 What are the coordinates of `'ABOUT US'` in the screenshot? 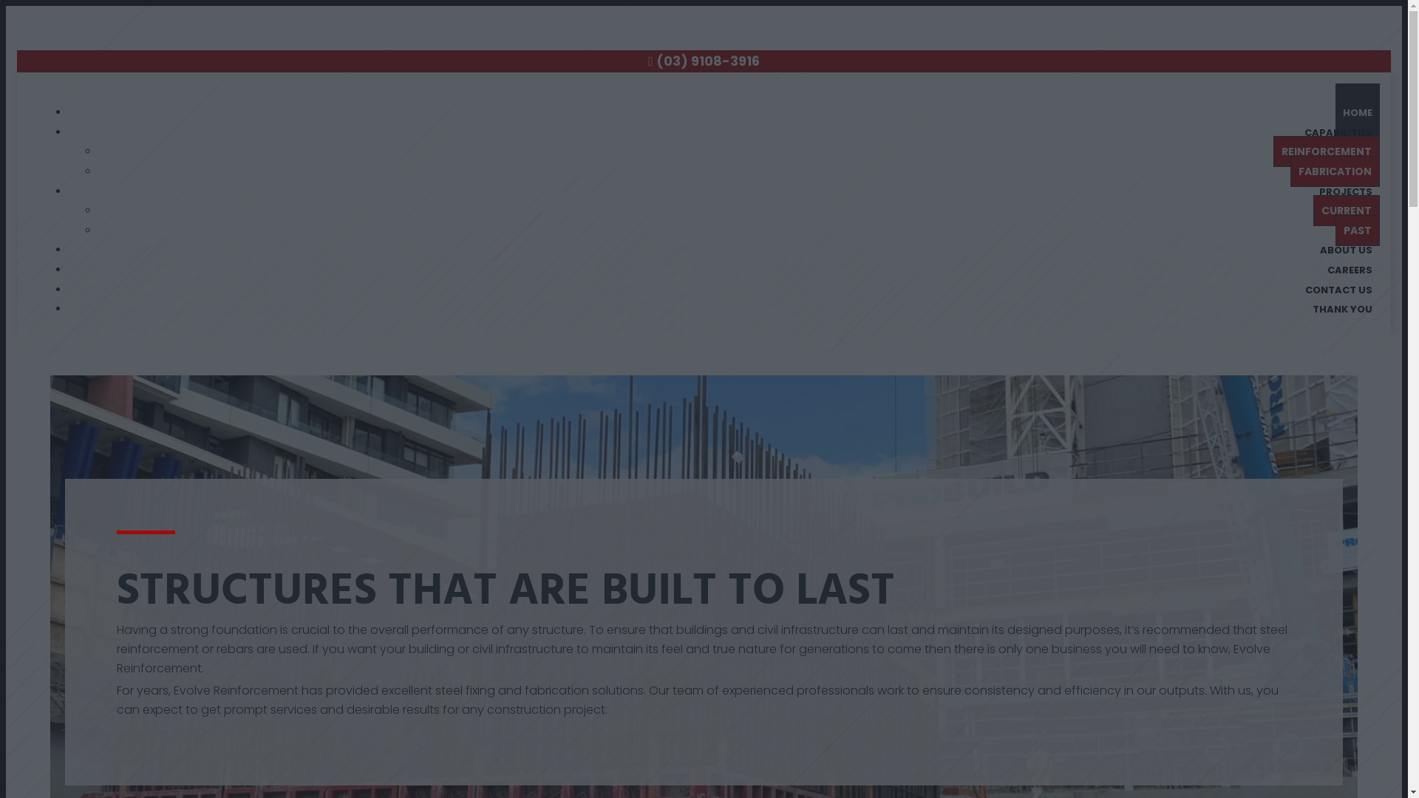 It's located at (1346, 249).